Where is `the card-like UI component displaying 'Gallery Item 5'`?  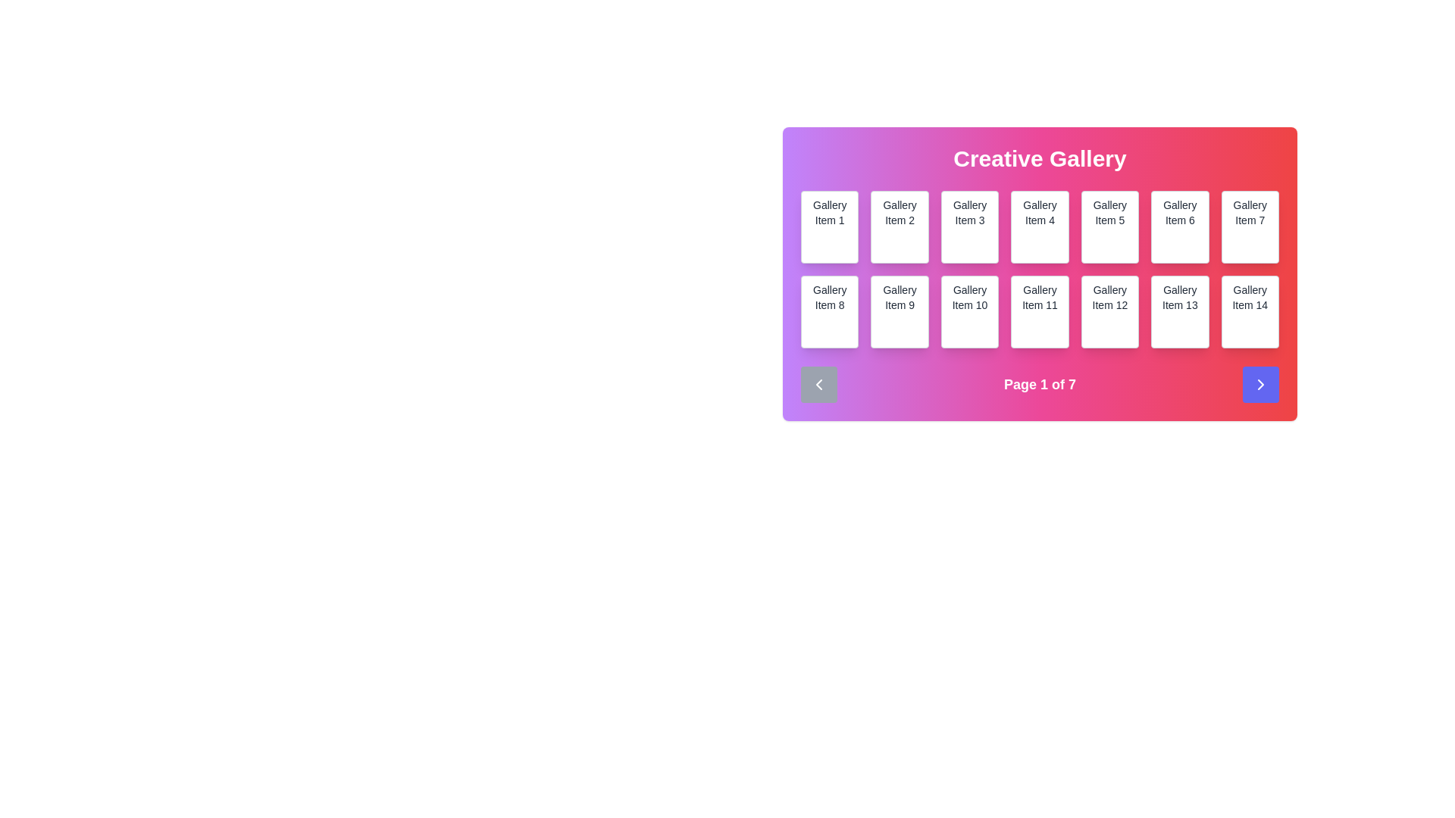 the card-like UI component displaying 'Gallery Item 5' is located at coordinates (1109, 227).